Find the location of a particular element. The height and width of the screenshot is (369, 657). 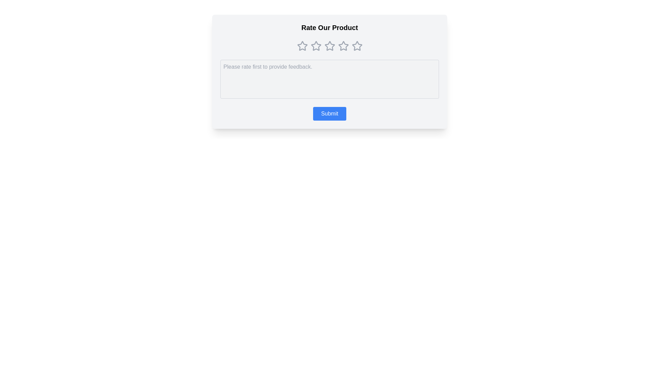

the second star icon in the rating interface is located at coordinates (315, 46).